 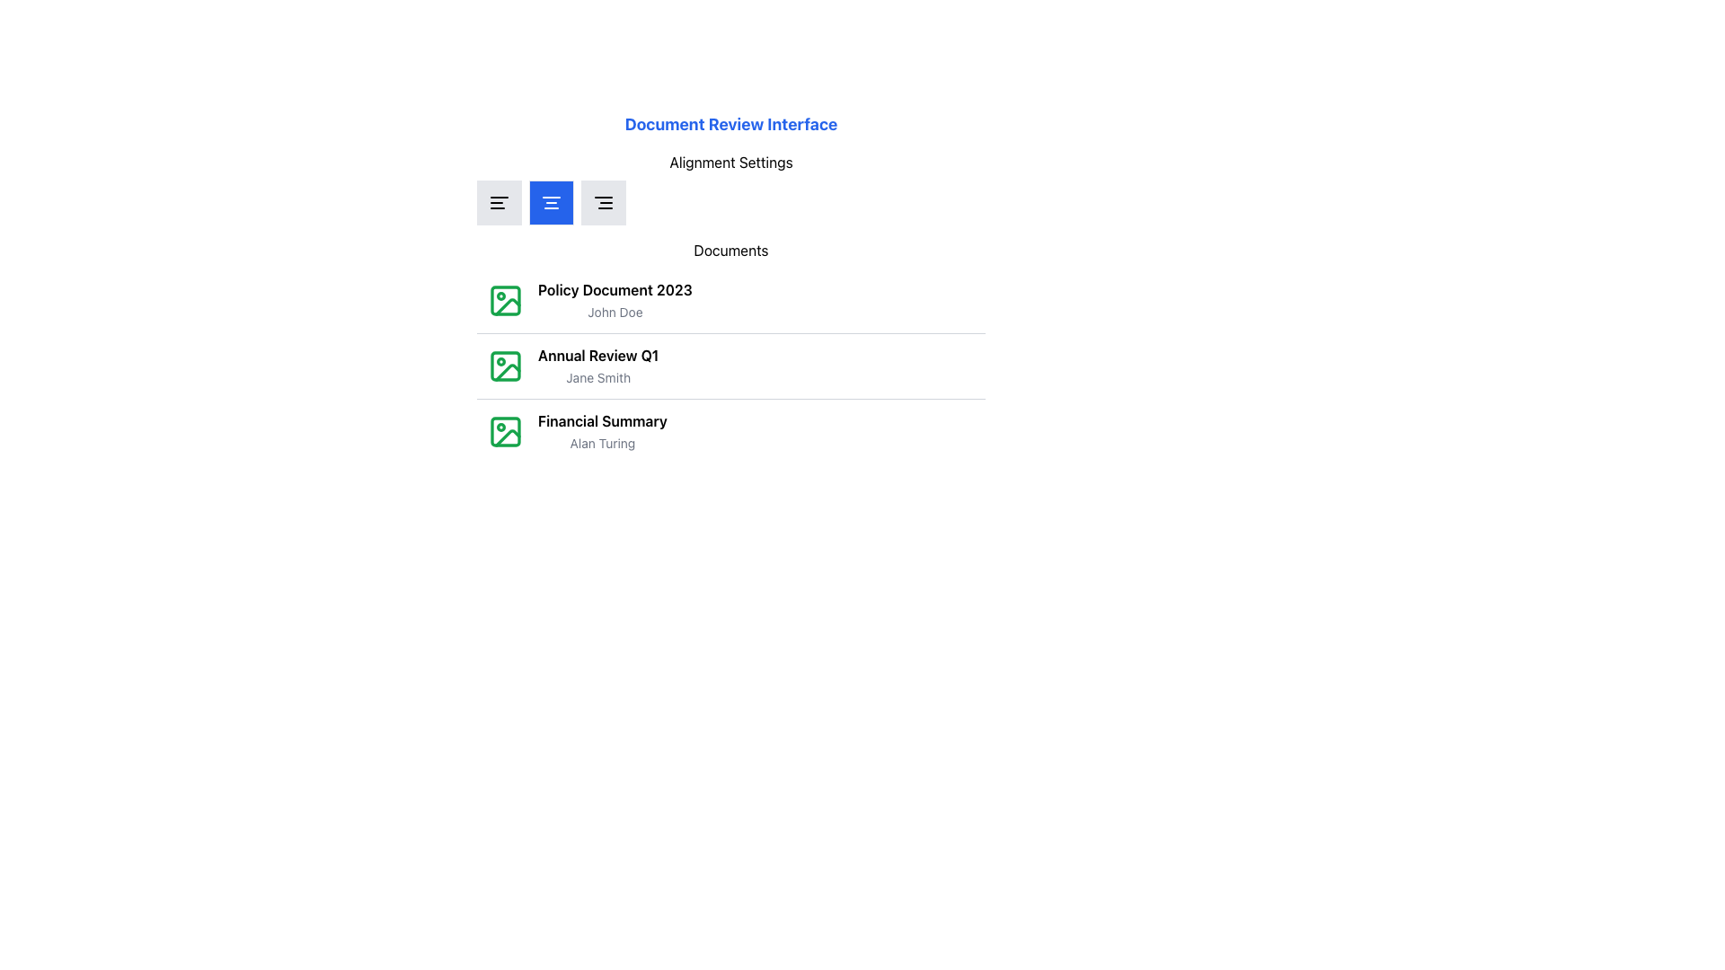 I want to click on the list item titled 'Annual Review Q1', so click(x=731, y=352).